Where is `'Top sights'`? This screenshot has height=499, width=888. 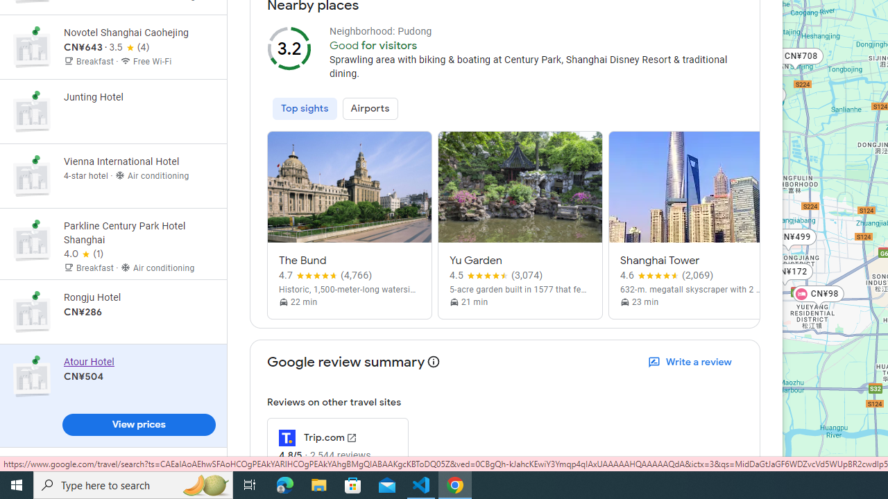
'Top sights' is located at coordinates (304, 107).